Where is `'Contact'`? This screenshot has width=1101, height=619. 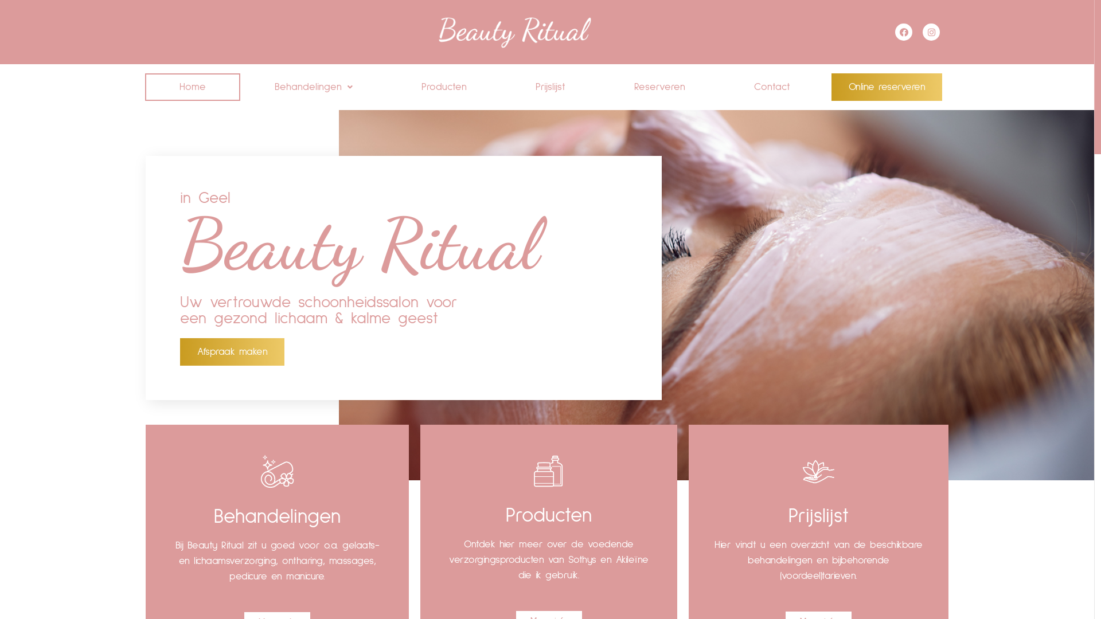
'Contact' is located at coordinates (772, 86).